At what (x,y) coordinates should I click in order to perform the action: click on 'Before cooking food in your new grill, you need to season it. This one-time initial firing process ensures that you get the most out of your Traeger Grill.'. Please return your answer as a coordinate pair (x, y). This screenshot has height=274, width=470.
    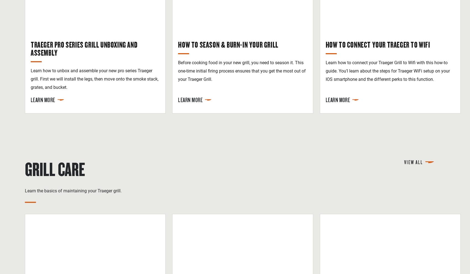
    Looking at the image, I should click on (242, 71).